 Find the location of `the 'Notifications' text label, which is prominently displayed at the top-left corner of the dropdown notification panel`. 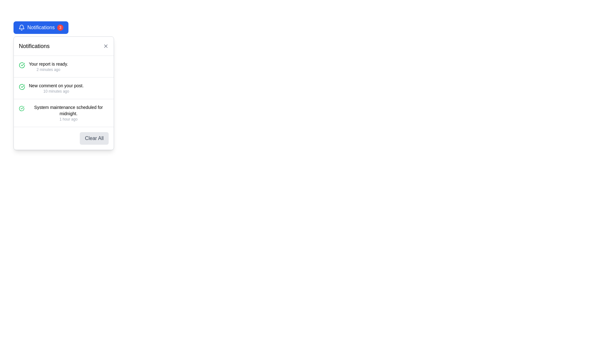

the 'Notifications' text label, which is prominently displayed at the top-left corner of the dropdown notification panel is located at coordinates (34, 46).